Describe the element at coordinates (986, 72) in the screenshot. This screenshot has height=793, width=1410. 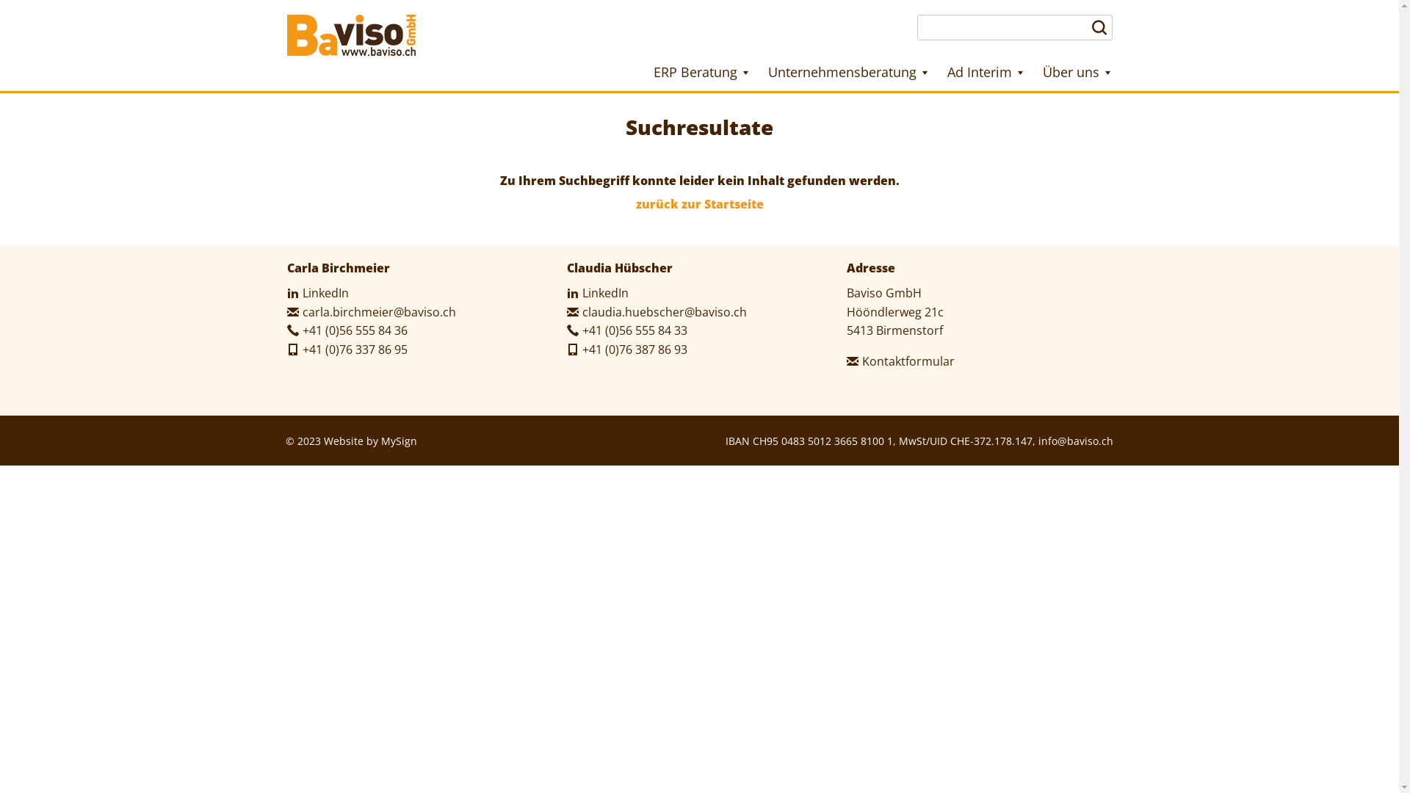
I see `'Ad Interim'` at that location.